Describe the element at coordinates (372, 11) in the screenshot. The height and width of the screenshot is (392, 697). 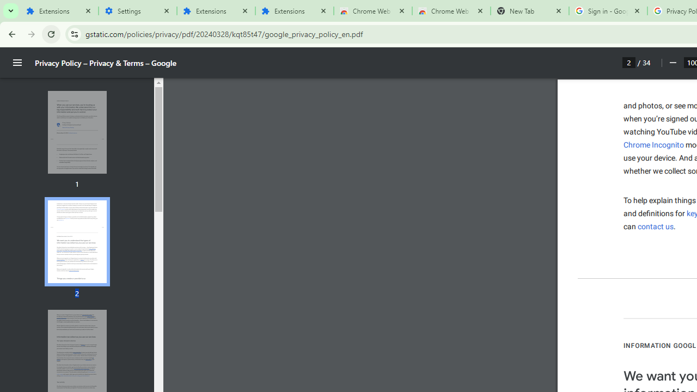
I see `'Chrome Web Store'` at that location.